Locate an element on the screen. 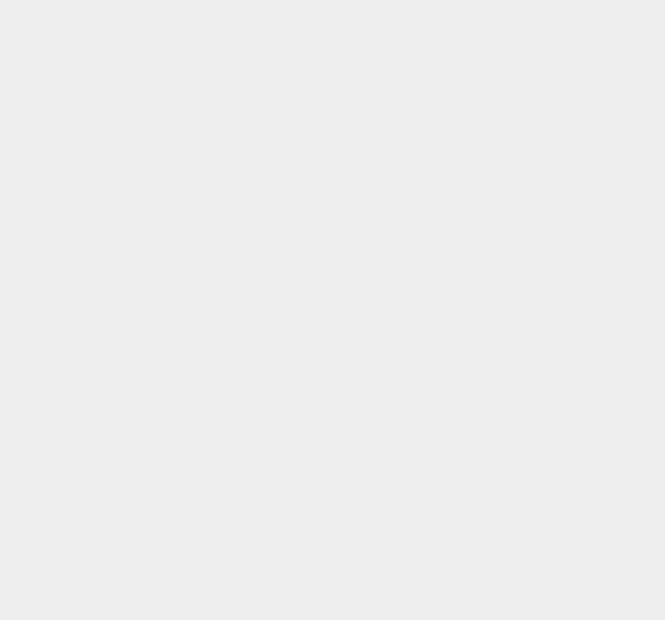  'Notebook' is located at coordinates (487, 523).